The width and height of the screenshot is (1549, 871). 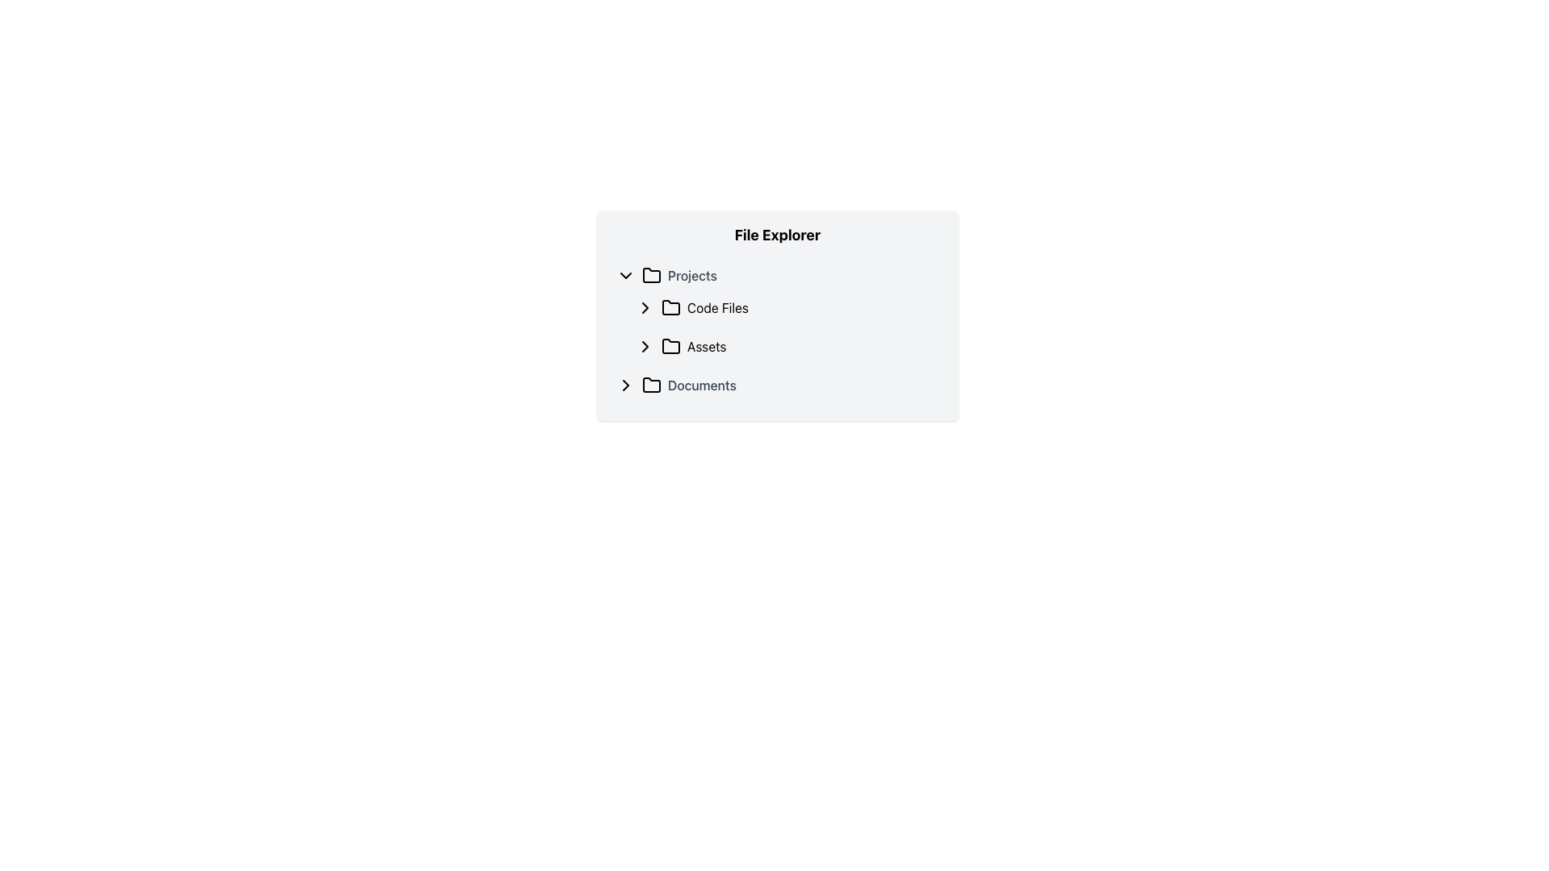 I want to click on the folder icon graphic located next to the text 'Assets' in the 'File Explorer' interface, so click(x=670, y=344).